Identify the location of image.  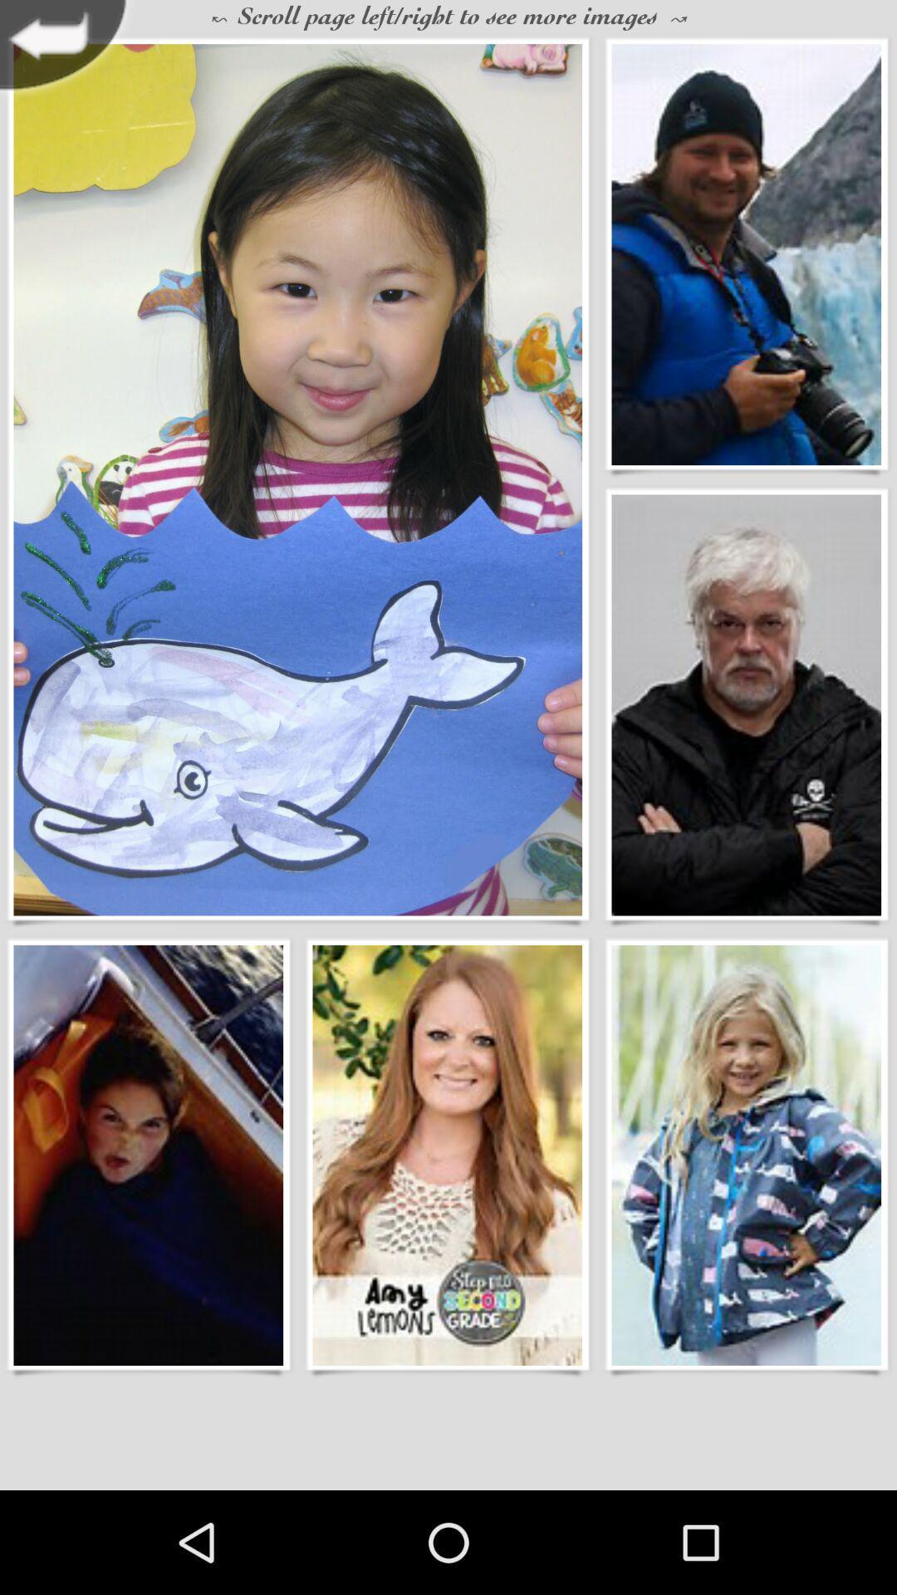
(297, 478).